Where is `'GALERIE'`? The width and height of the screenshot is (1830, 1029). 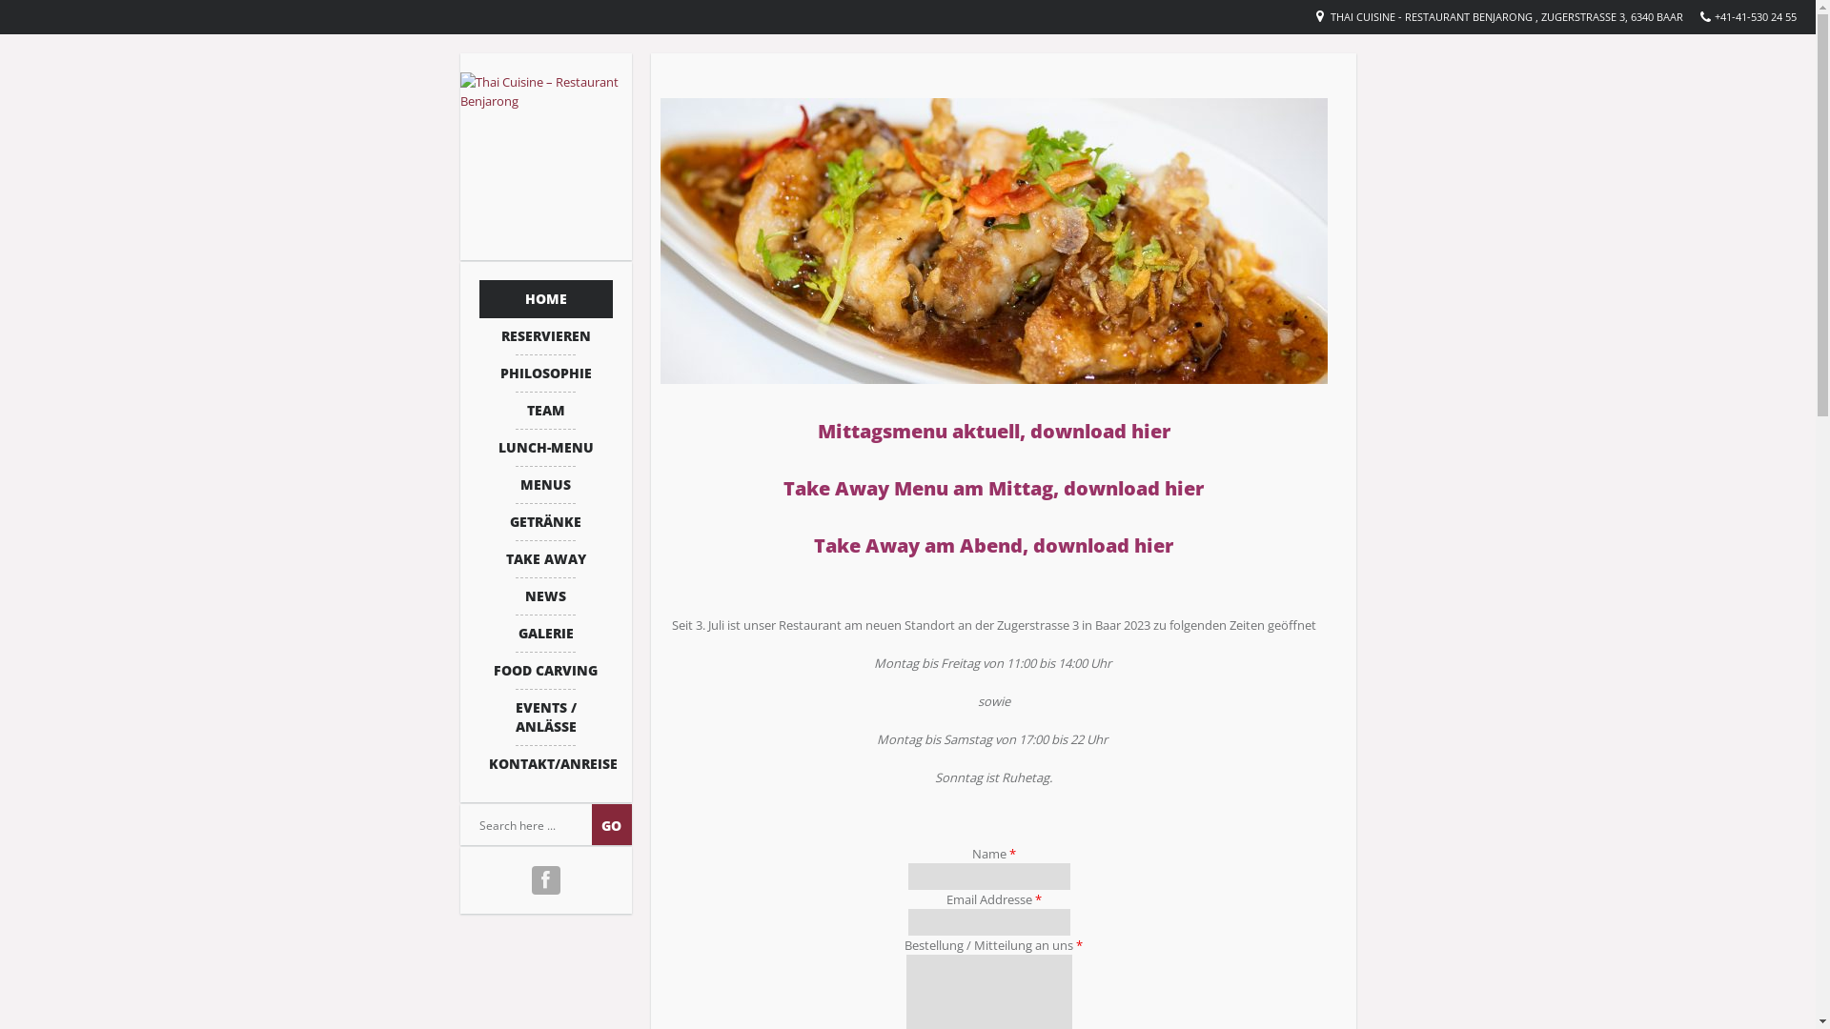
'GALERIE' is located at coordinates (478, 633).